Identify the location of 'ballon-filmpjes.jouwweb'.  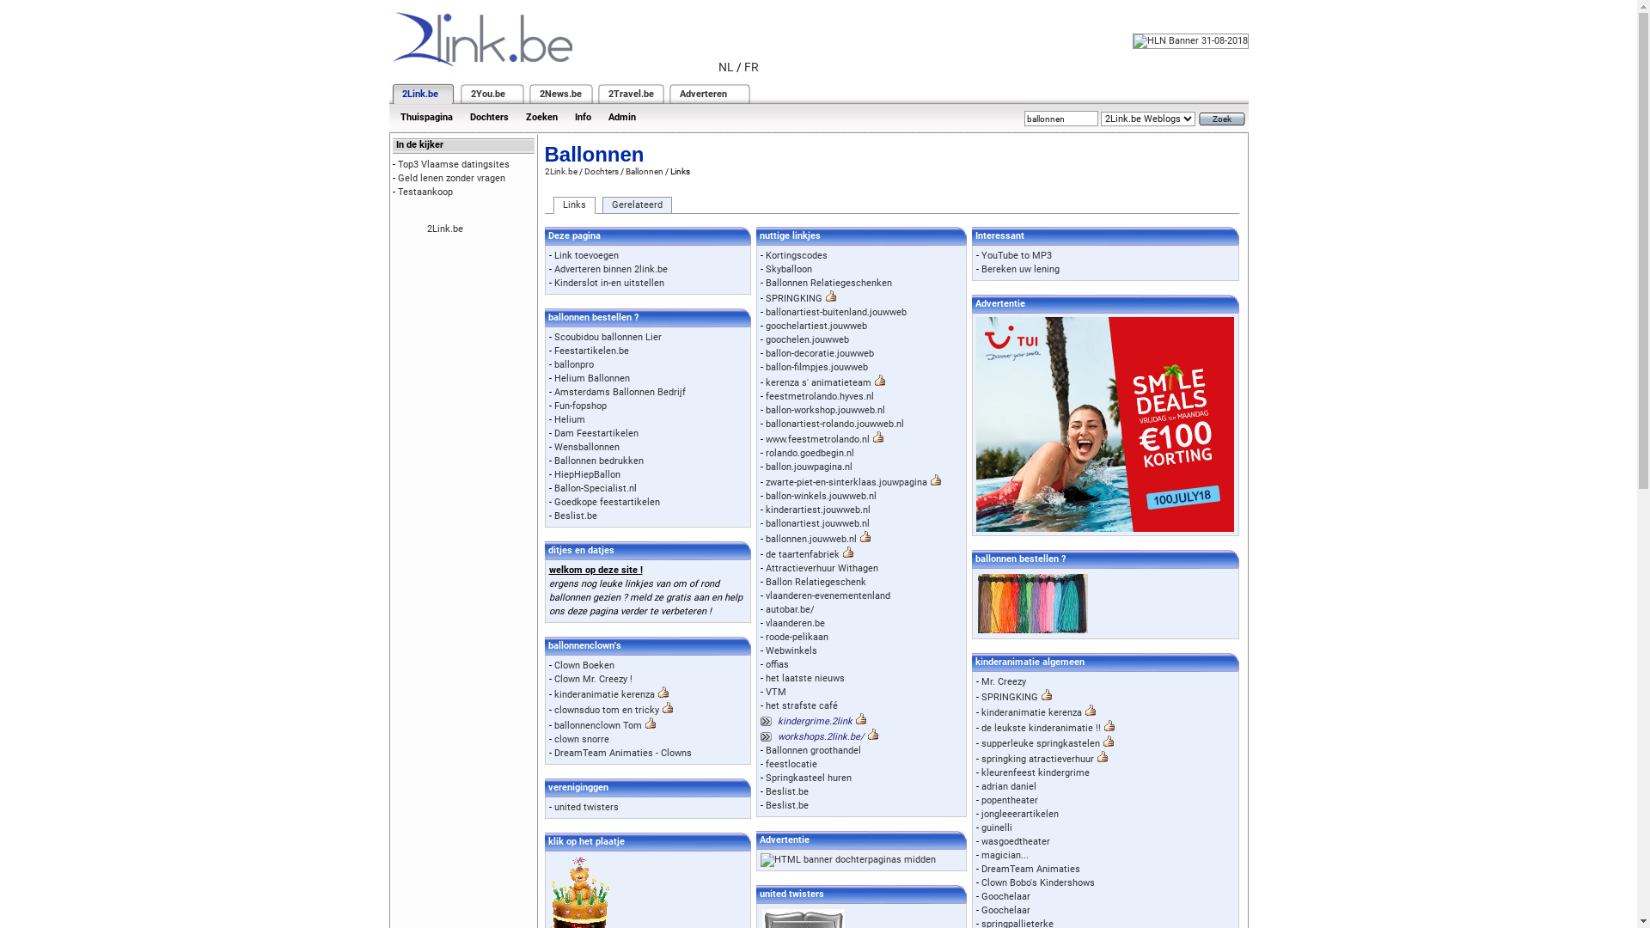
(816, 366).